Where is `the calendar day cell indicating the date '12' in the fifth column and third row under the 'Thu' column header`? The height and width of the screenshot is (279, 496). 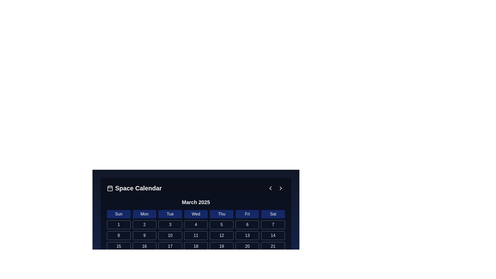
the calendar day cell indicating the date '12' in the fifth column and third row under the 'Thu' column header is located at coordinates (222, 235).